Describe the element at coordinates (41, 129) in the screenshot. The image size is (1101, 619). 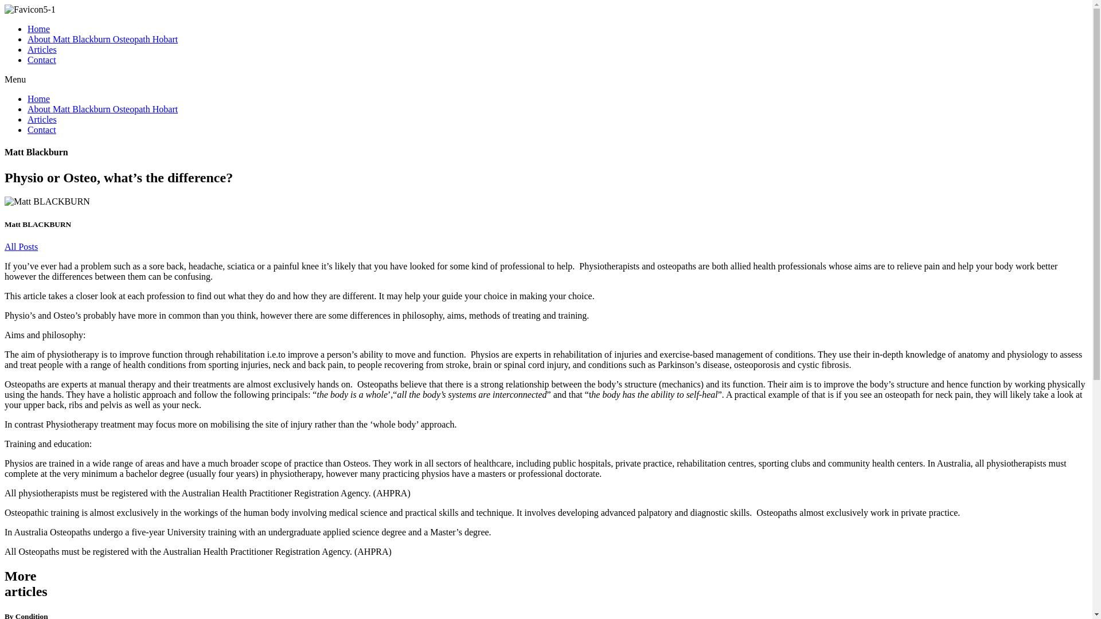
I see `'Contact'` at that location.